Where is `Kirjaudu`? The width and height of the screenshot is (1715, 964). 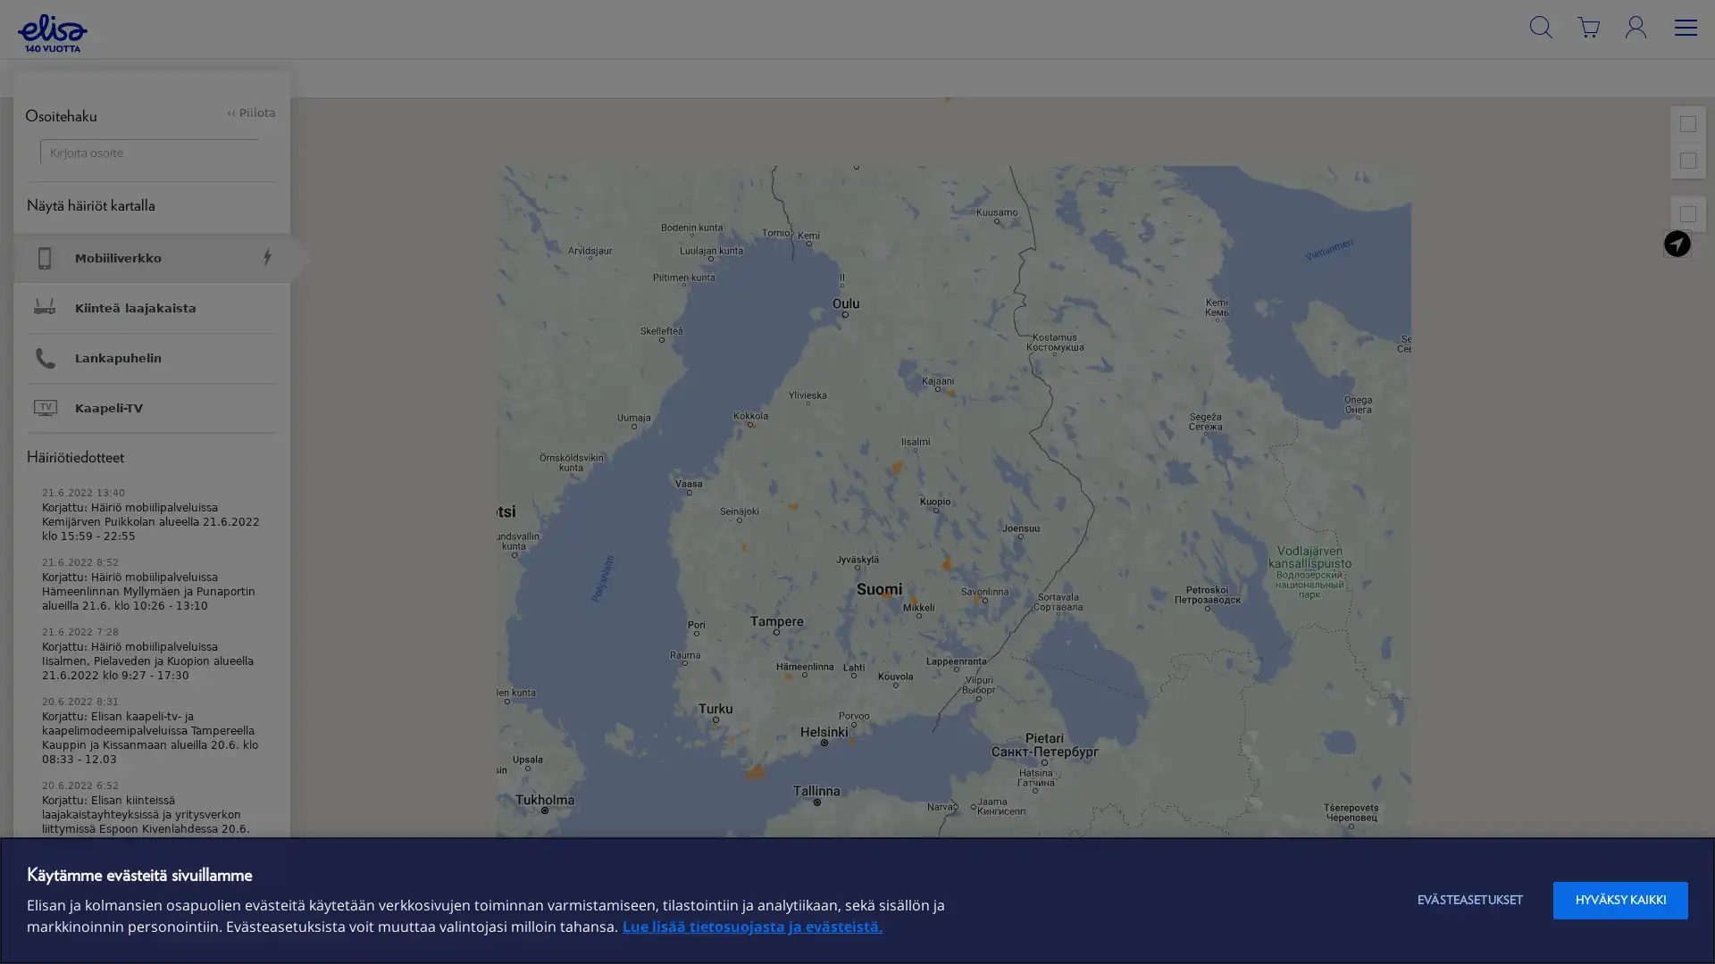
Kirjaudu is located at coordinates (1661, 63).